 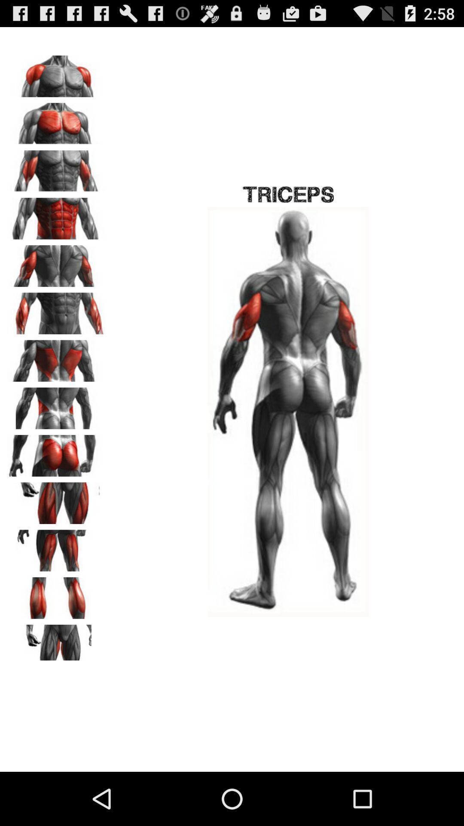 What do you see at coordinates (56, 310) in the screenshot?
I see `switch to this view` at bounding box center [56, 310].